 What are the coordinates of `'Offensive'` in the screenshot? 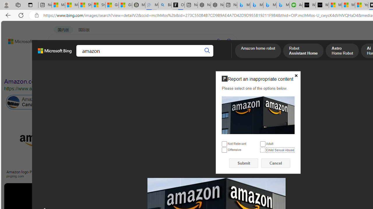 It's located at (224, 150).